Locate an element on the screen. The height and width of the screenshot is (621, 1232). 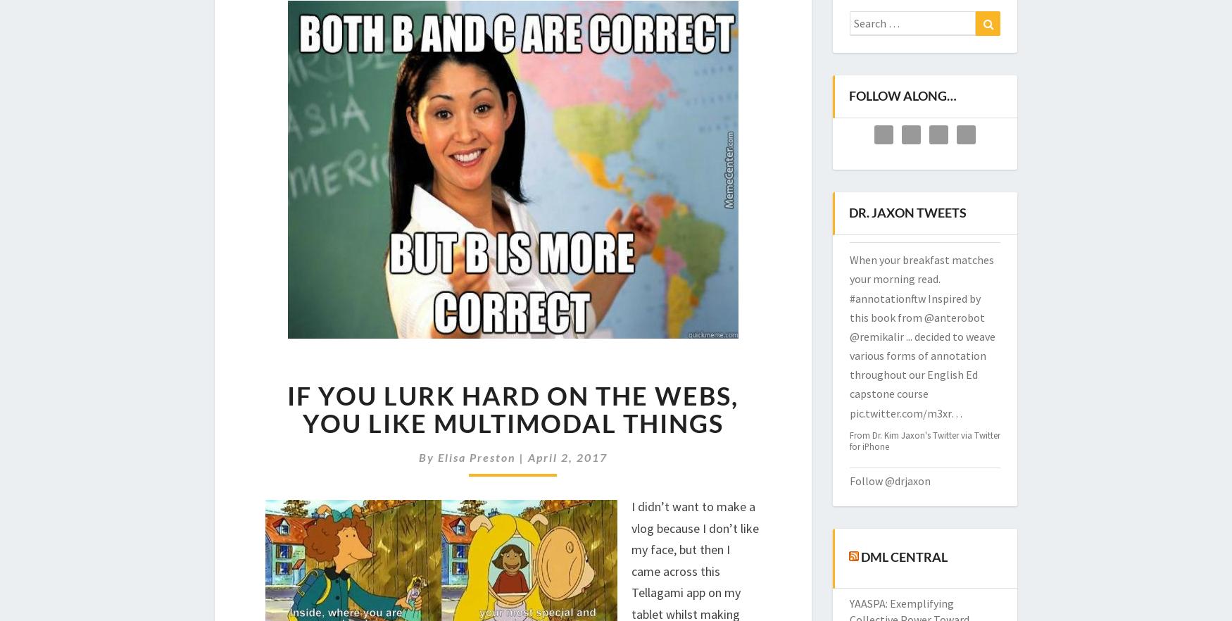
'By' is located at coordinates (427, 456).